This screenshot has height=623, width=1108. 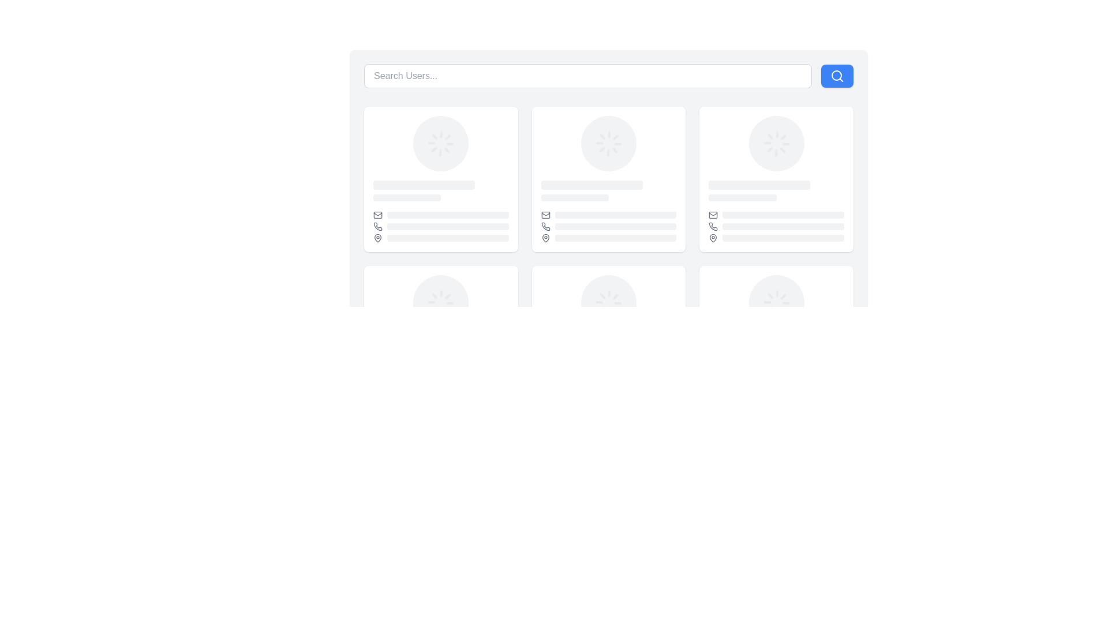 I want to click on the representation of the Map pin icon located in the third user card, positioned below the email and phone icons, so click(x=545, y=237).